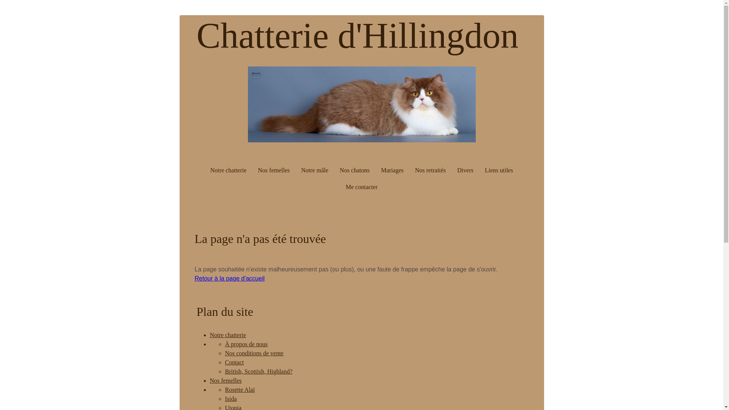 The height and width of the screenshot is (410, 729). Describe the element at coordinates (234, 362) in the screenshot. I see `'Contact'` at that location.